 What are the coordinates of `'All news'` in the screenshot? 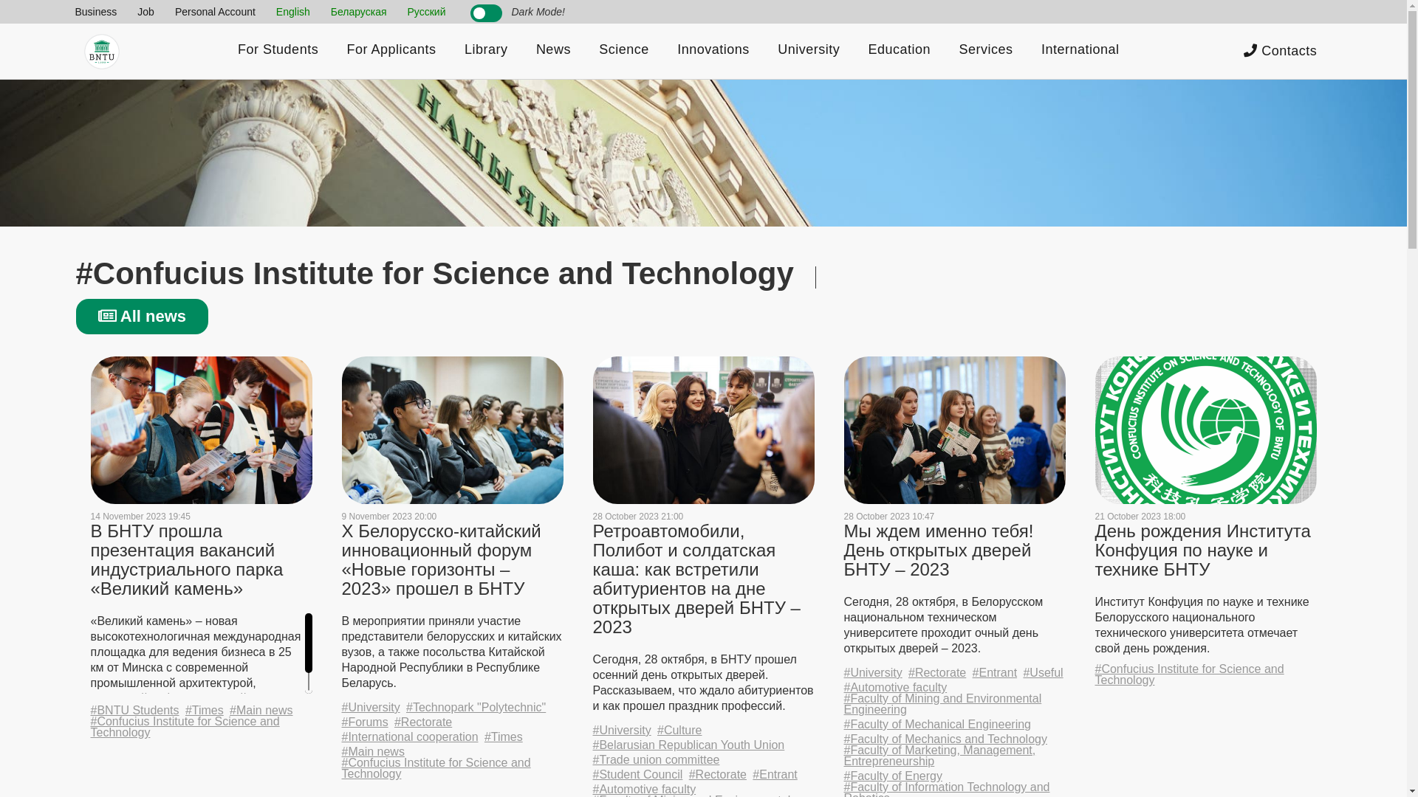 It's located at (142, 315).